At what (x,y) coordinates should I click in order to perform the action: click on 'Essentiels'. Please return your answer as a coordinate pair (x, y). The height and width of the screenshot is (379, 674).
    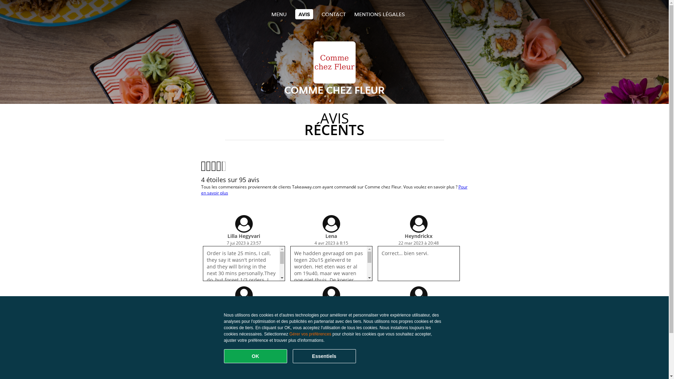
    Looking at the image, I should click on (324, 356).